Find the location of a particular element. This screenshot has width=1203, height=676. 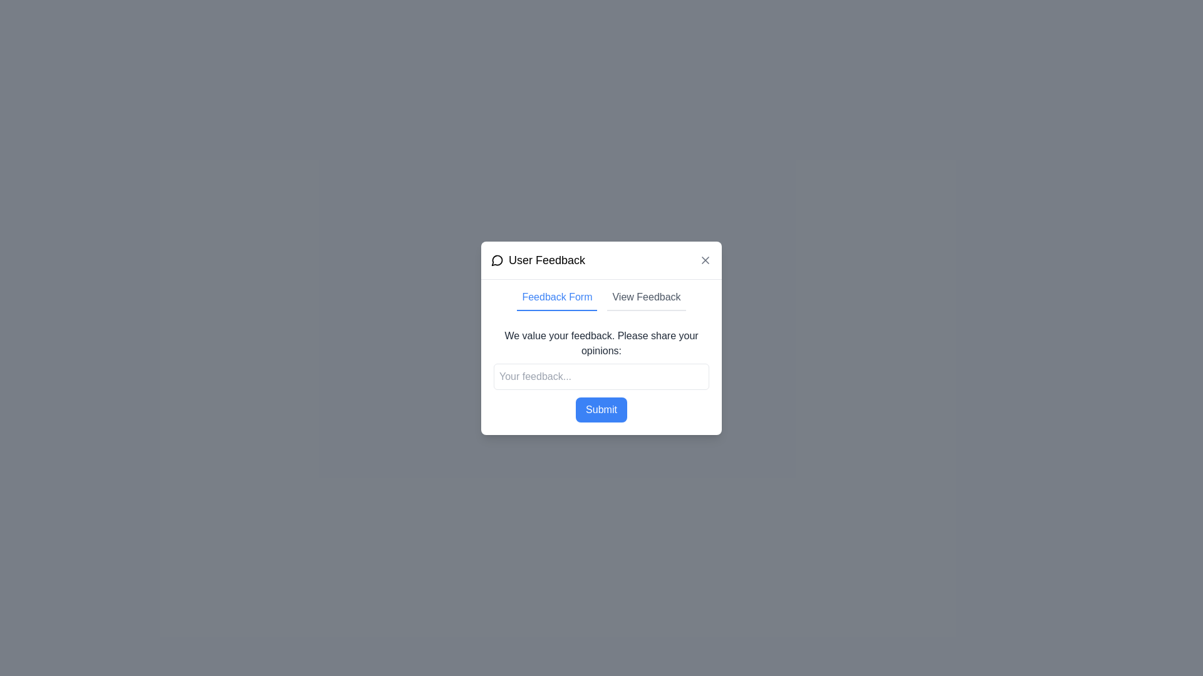

the close button represented by a gray square icon with an 'X' symbol in the top-right corner of the 'User Feedback' modal dialog is located at coordinates (706, 259).